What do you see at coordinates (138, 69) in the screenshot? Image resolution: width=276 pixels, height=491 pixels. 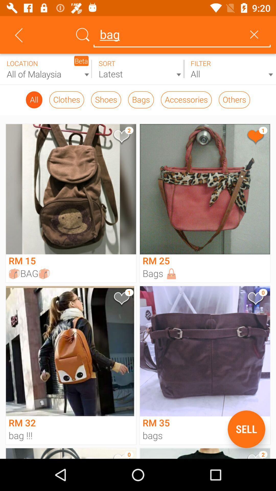 I see `recent products` at bounding box center [138, 69].